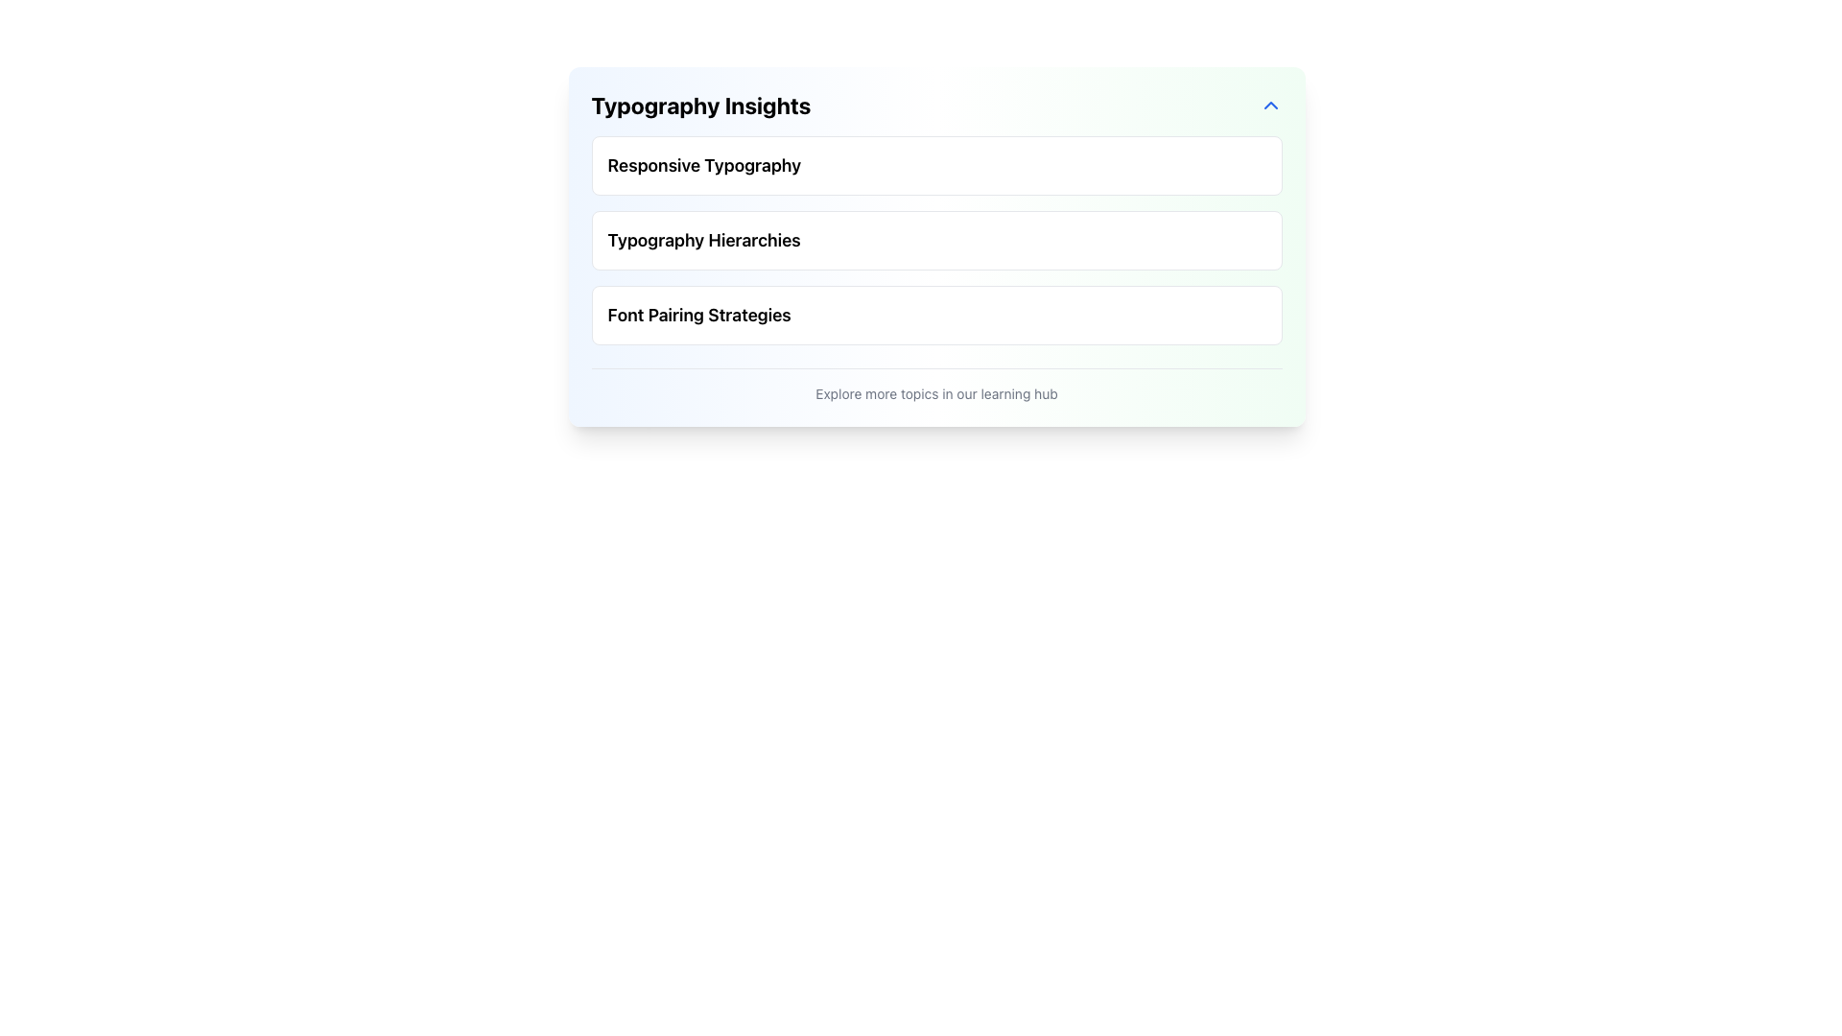 The image size is (1842, 1036). Describe the element at coordinates (1270, 106) in the screenshot. I see `the upward-facing chevron-shaped button on the right side of the 'Typography Insights' header` at that location.